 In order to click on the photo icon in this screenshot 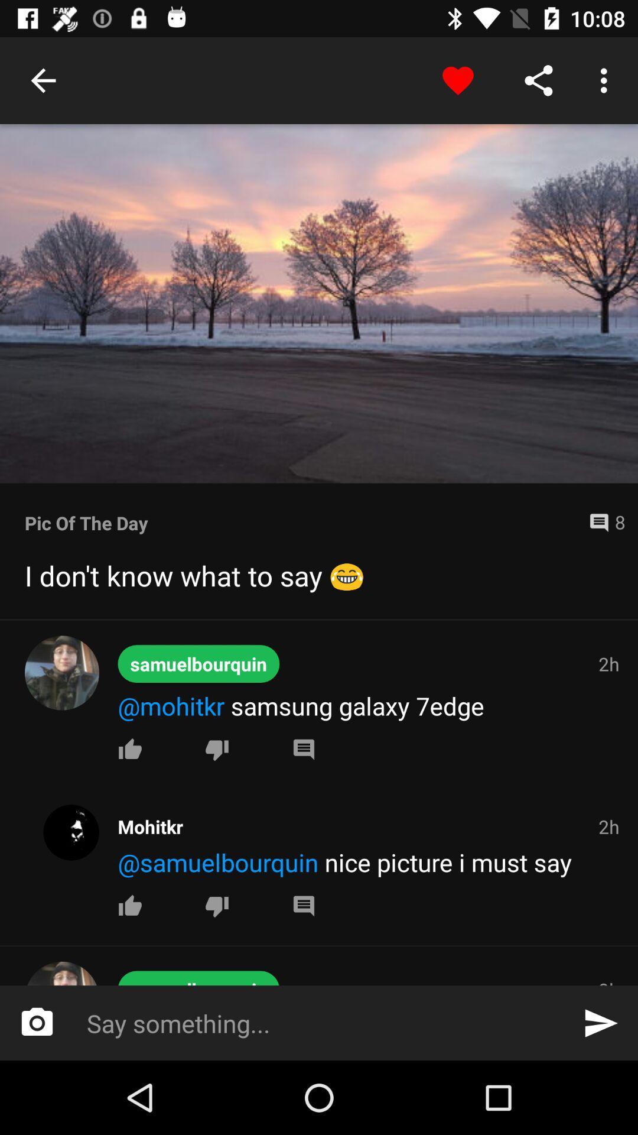, I will do `click(36, 1023)`.